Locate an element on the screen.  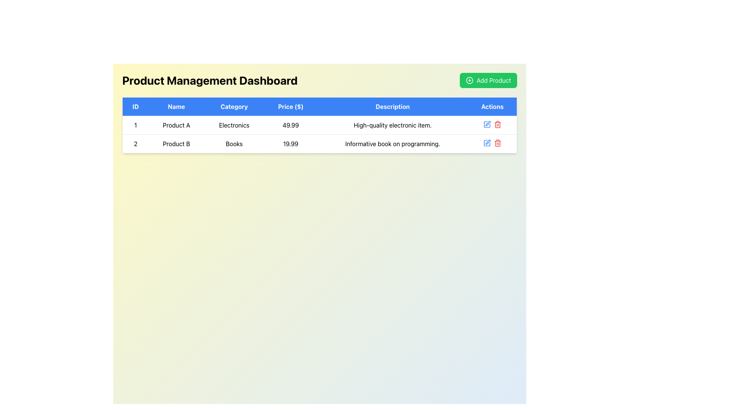
the button in the 'Actions' column for 'Product A' is located at coordinates (488, 123).